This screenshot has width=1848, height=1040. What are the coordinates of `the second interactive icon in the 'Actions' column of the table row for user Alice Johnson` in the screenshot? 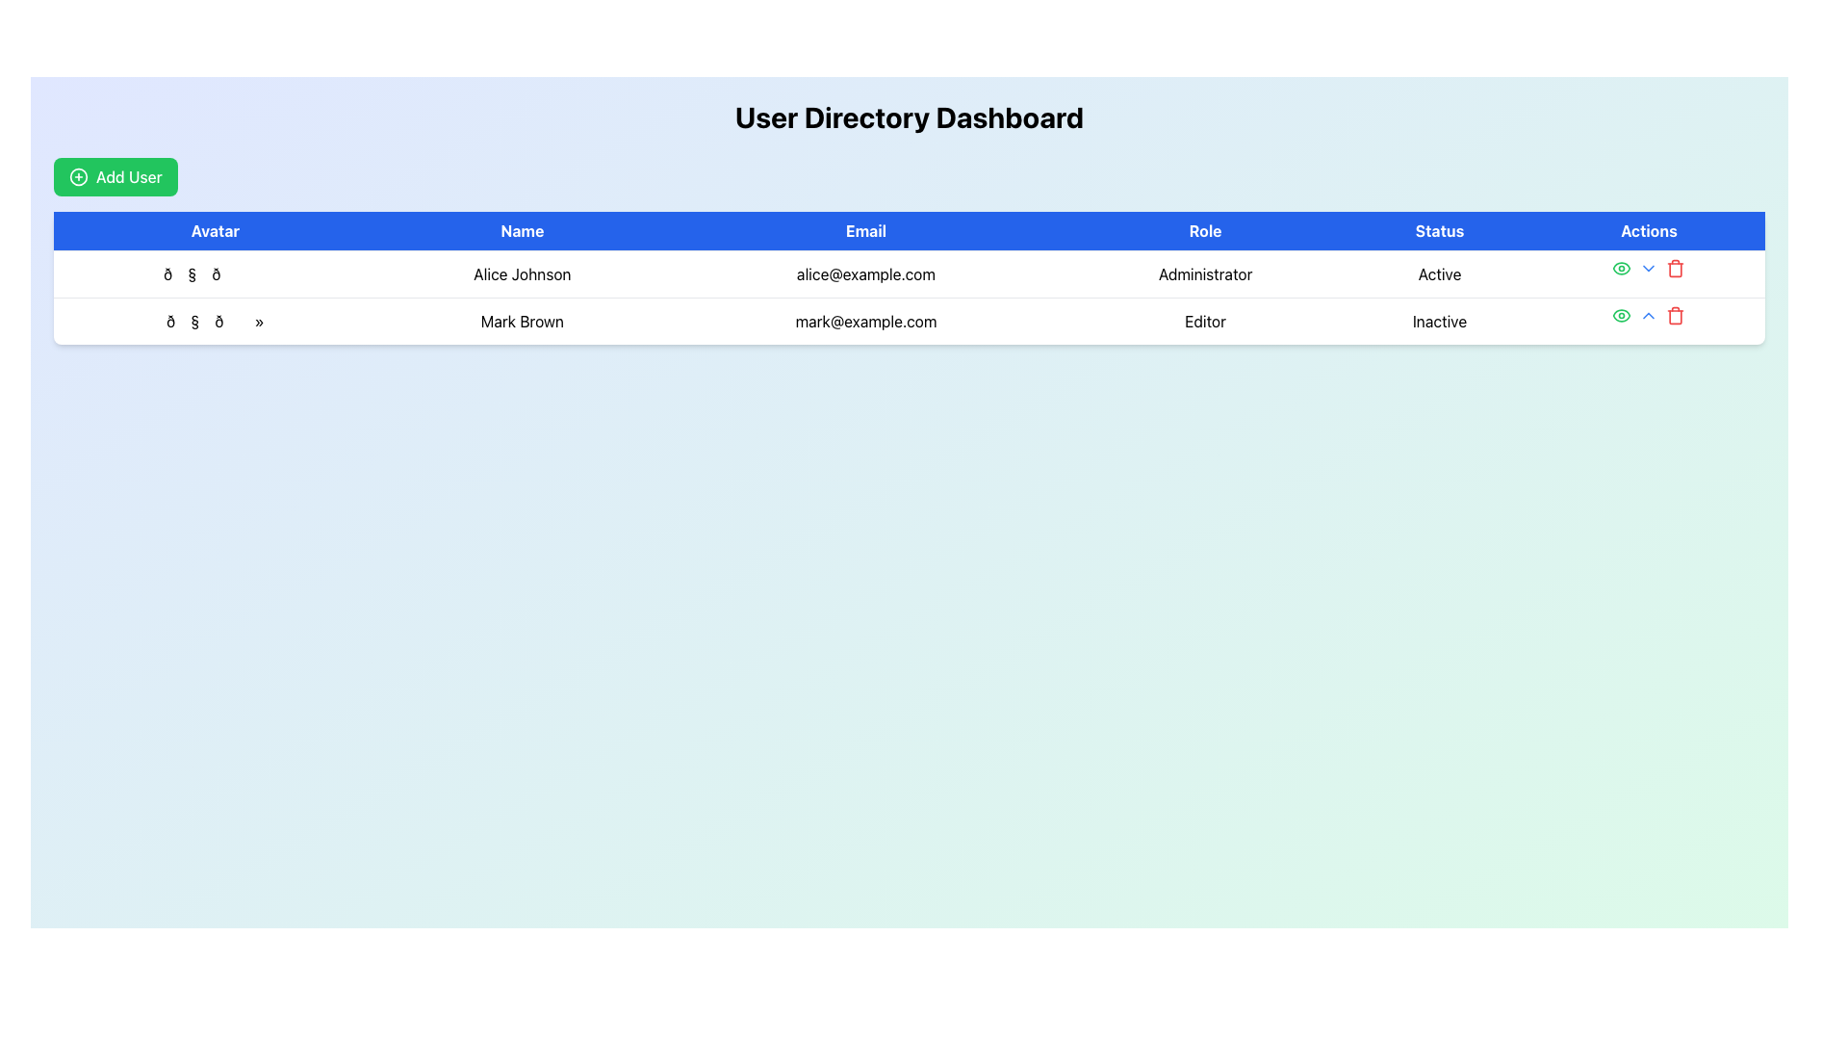 It's located at (1648, 268).